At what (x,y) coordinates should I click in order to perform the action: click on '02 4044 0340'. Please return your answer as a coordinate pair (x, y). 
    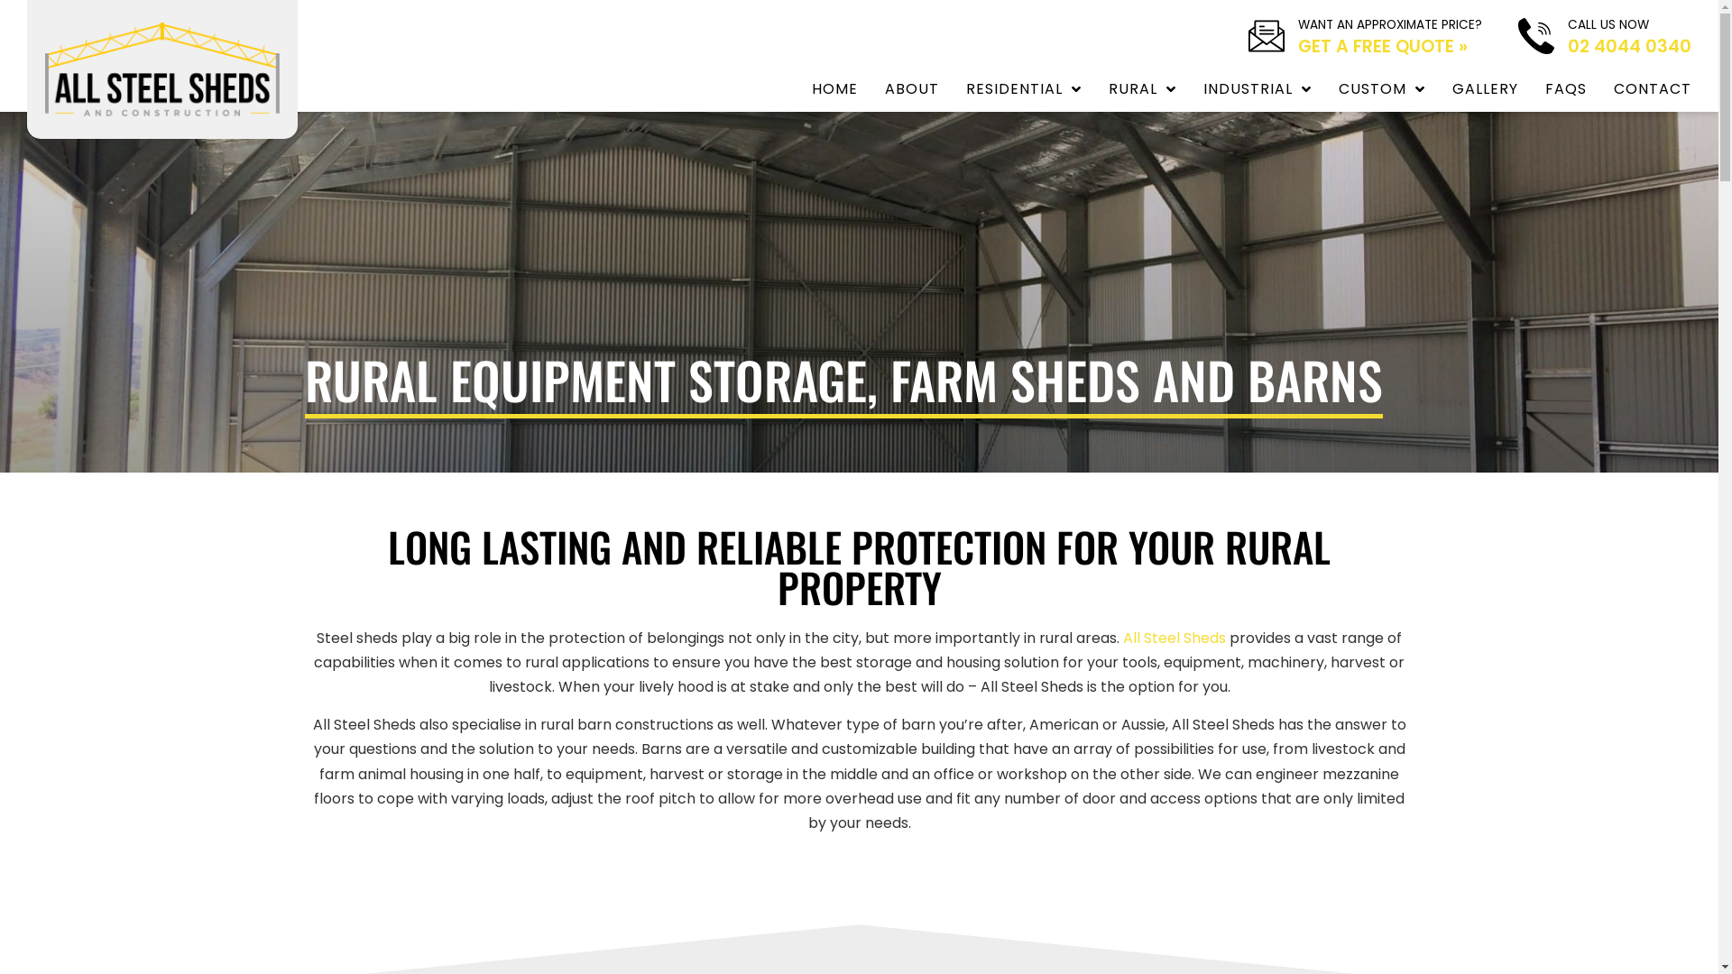
    Looking at the image, I should click on (1629, 45).